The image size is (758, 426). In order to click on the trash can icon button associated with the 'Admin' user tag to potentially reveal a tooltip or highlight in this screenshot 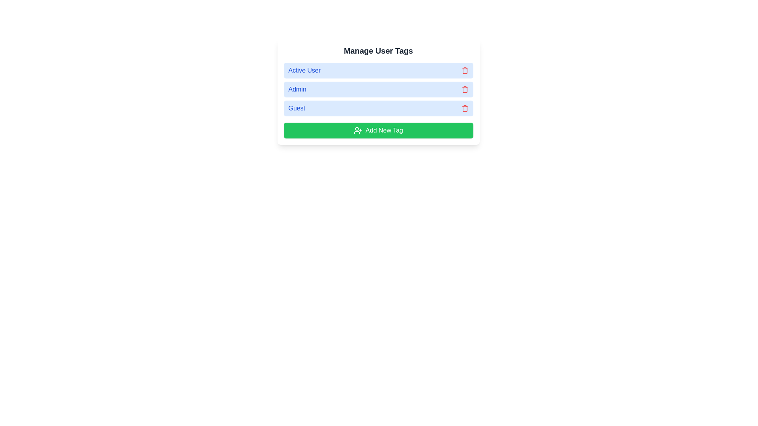, I will do `click(465, 90)`.